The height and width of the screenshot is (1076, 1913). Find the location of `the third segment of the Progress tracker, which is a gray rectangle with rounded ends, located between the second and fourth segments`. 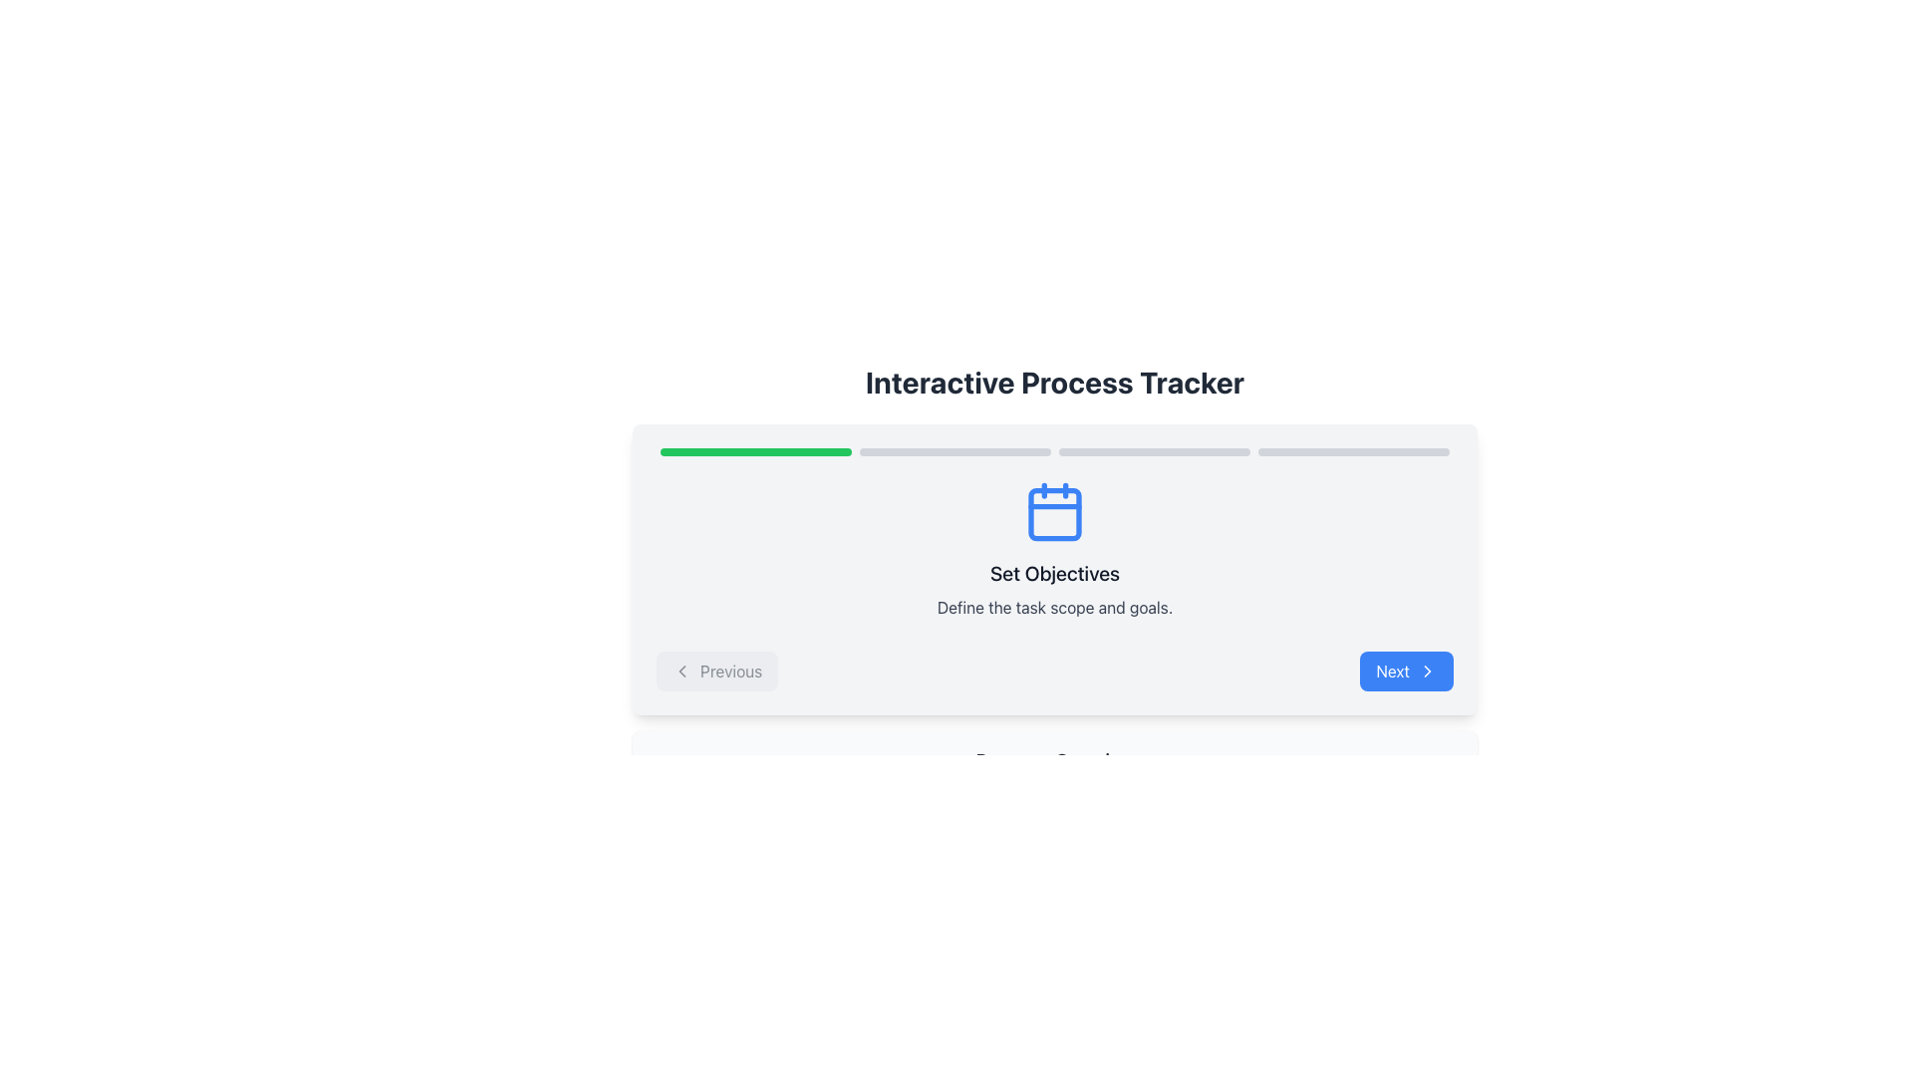

the third segment of the Progress tracker, which is a gray rectangle with rounded ends, located between the second and fourth segments is located at coordinates (1154, 452).